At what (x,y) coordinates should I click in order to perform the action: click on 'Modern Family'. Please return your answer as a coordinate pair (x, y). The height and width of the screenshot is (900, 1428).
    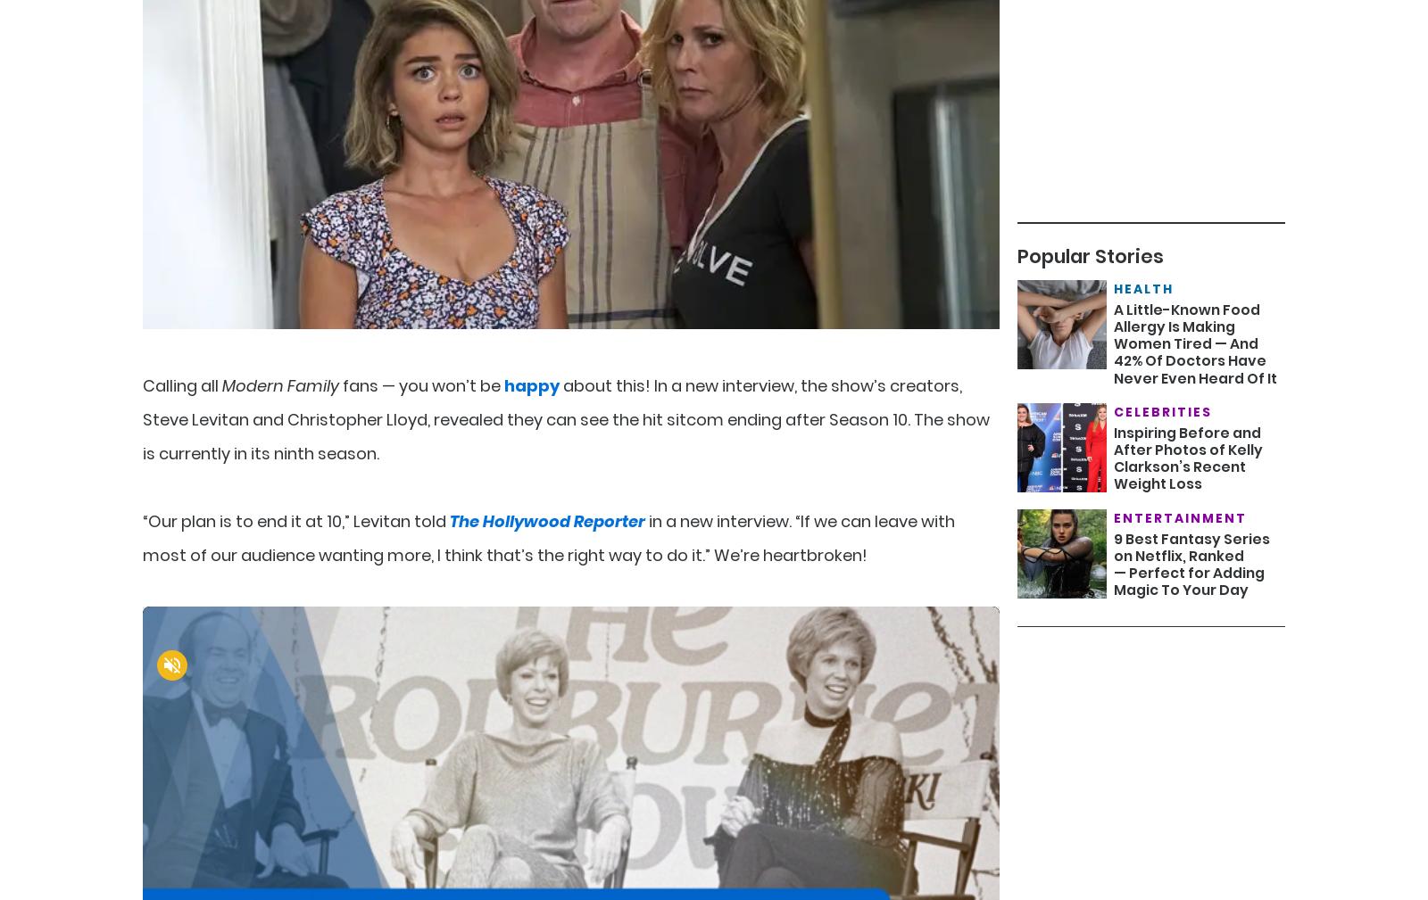
    Looking at the image, I should click on (280, 384).